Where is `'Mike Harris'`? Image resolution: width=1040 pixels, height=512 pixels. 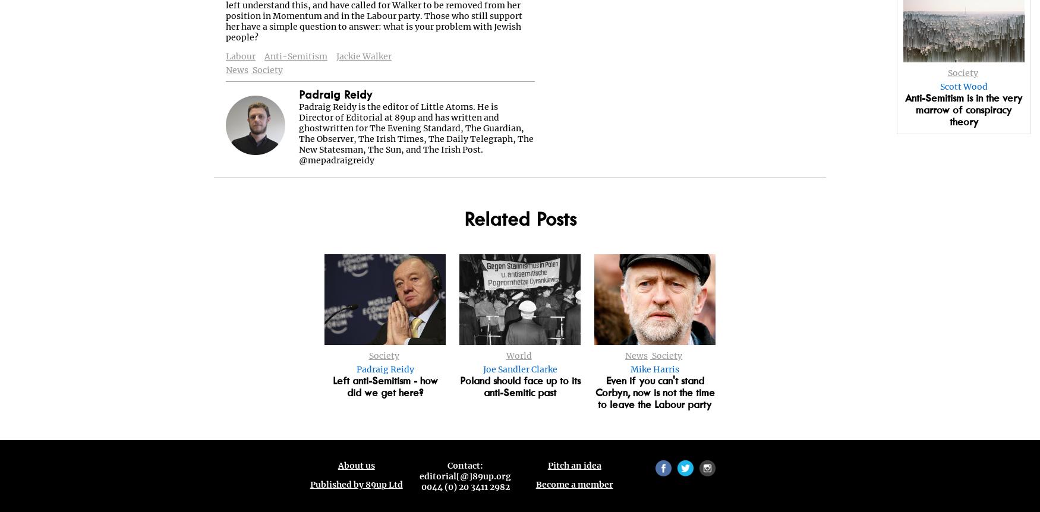
'Mike Harris' is located at coordinates (654, 369).